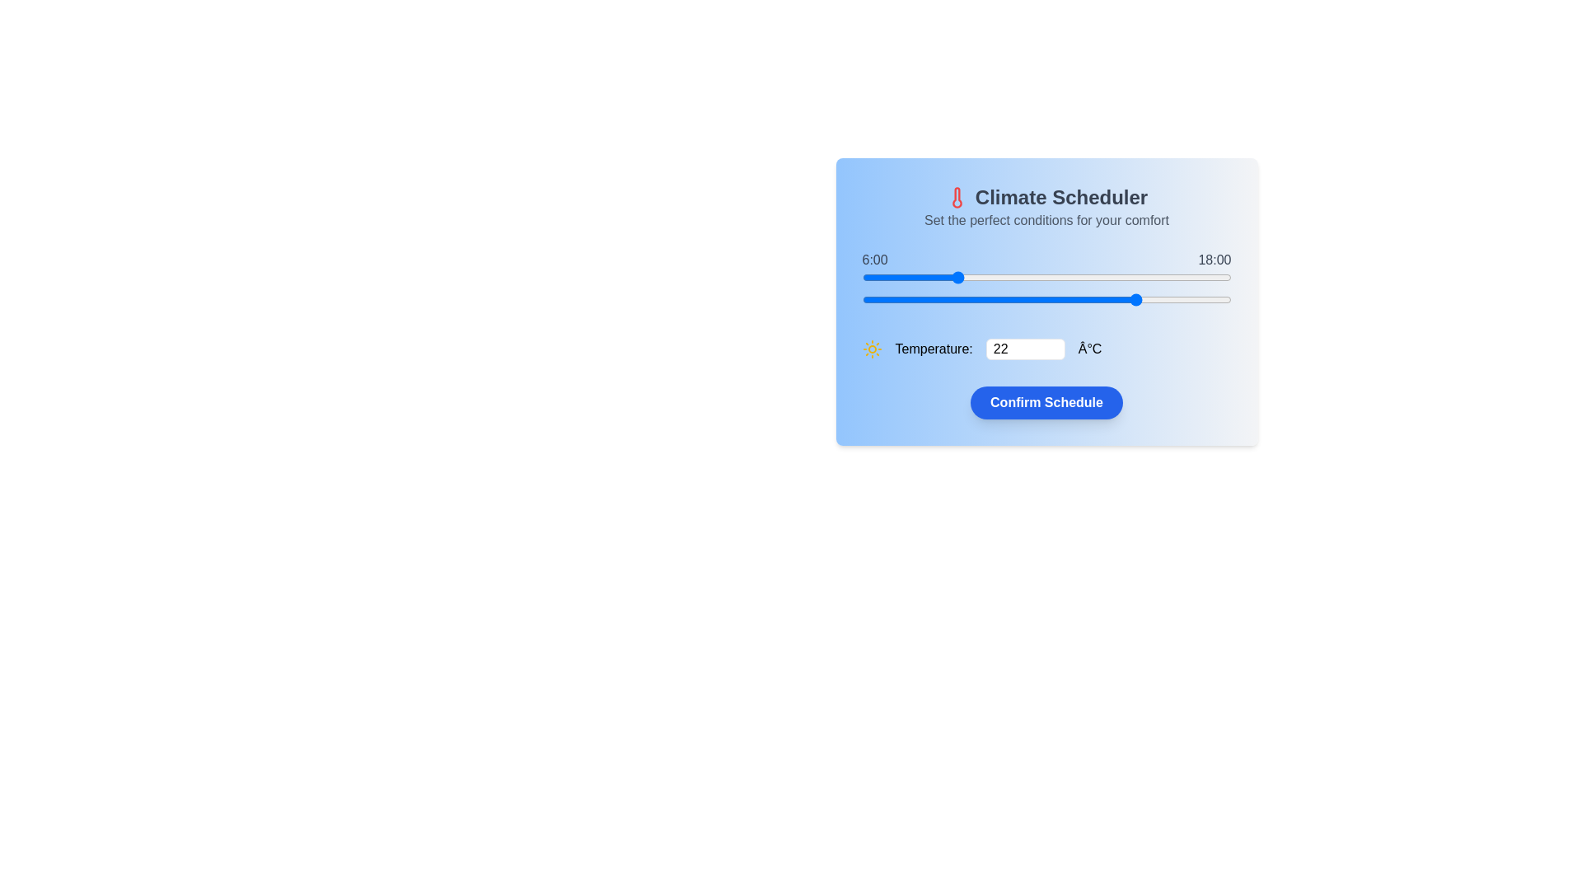  What do you see at coordinates (1046, 403) in the screenshot?
I see `the confirmation button located at the bottom of the 'Climate Scheduler' card to observe the hover effect` at bounding box center [1046, 403].